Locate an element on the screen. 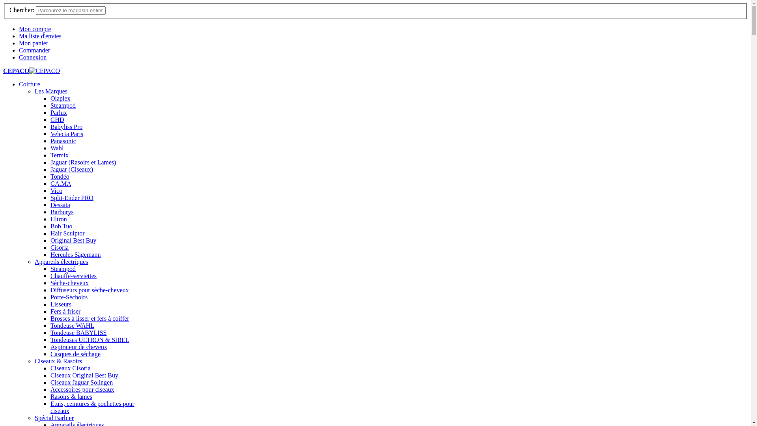 This screenshot has height=426, width=757. 'Etuis, ceintures & pochettes pour ciseaux' is located at coordinates (50, 407).